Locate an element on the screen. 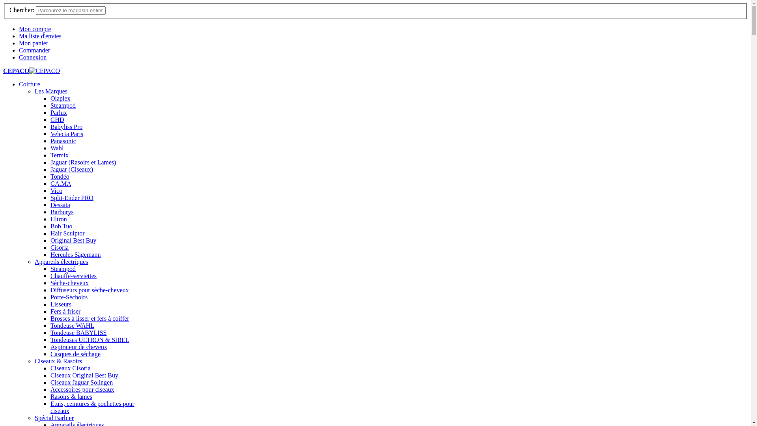 This screenshot has height=426, width=757. 'Etuis, ceintures & pochettes pour ciseaux' is located at coordinates (50, 407).